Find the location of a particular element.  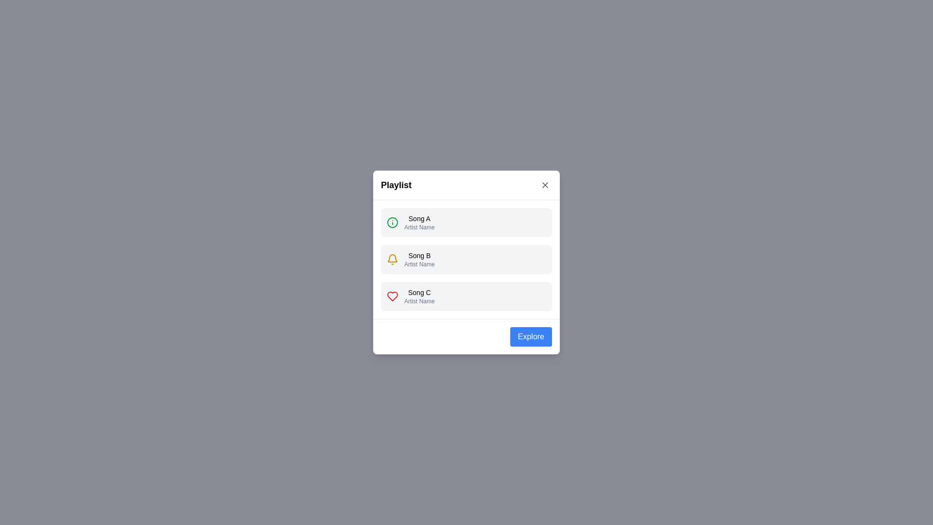

the song's type or status is located at coordinates (466, 262).